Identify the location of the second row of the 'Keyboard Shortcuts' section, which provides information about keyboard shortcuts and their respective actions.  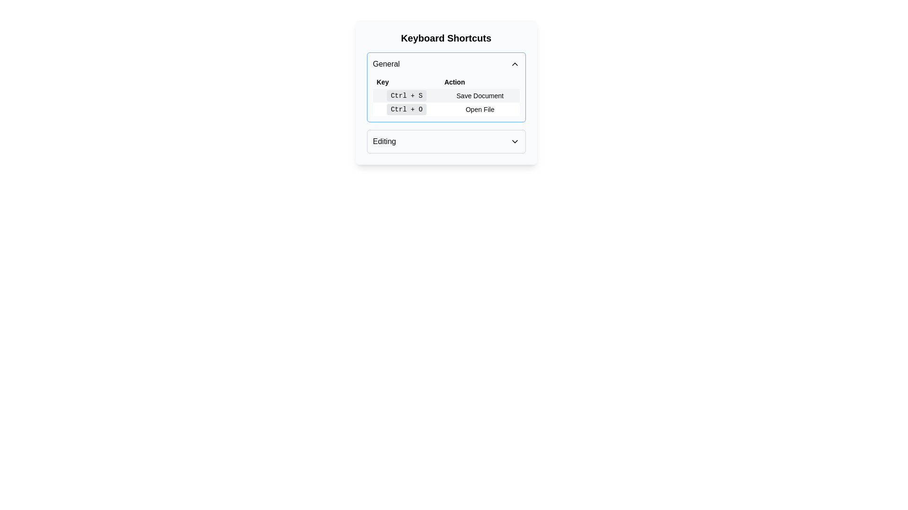
(445, 102).